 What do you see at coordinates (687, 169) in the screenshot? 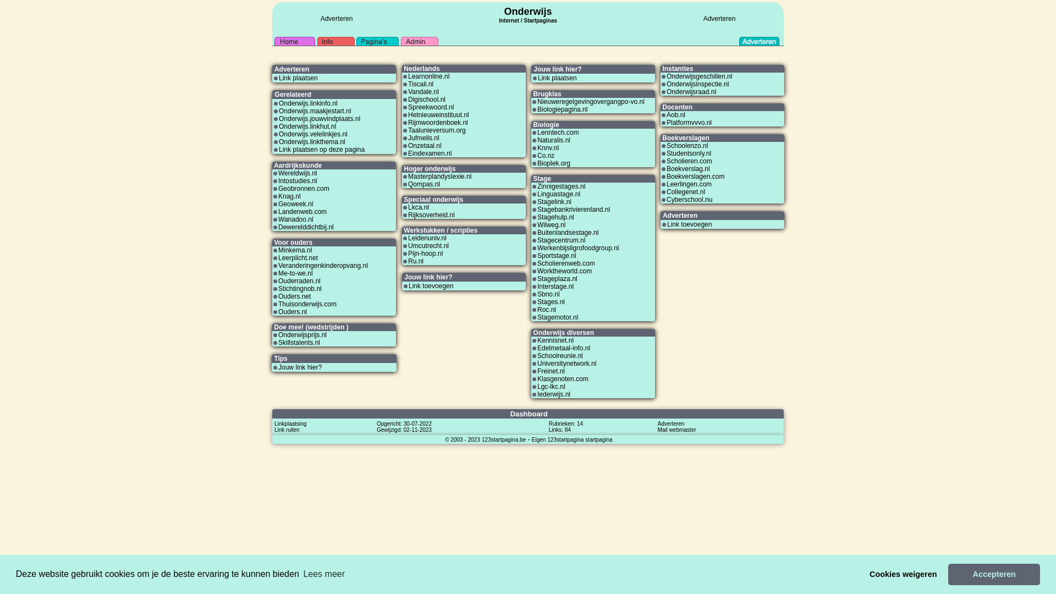
I see `'Boekverslag.nl'` at bounding box center [687, 169].